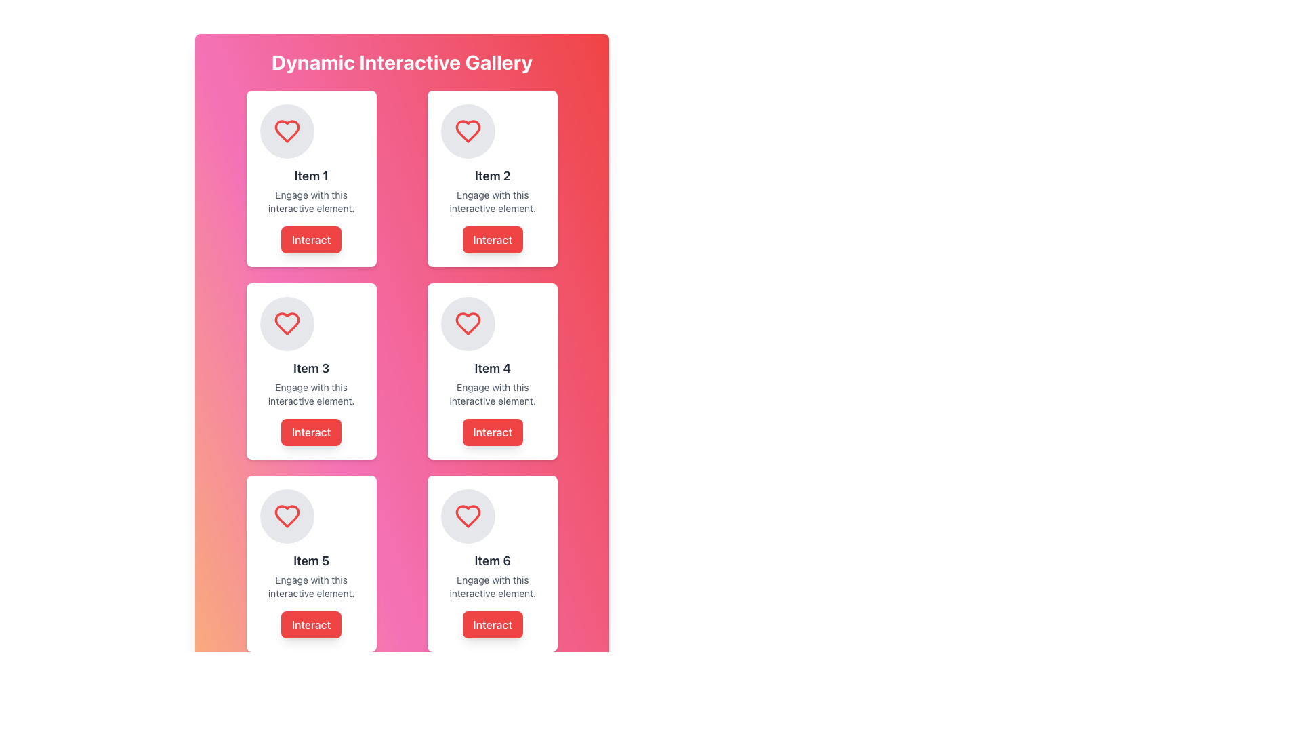 The image size is (1301, 732). What do you see at coordinates (492, 561) in the screenshot?
I see `the text label reading 'Item 6', which is styled in bold dark gray font and positioned centrally within the bottom-right card of a six-card grid layout` at bounding box center [492, 561].